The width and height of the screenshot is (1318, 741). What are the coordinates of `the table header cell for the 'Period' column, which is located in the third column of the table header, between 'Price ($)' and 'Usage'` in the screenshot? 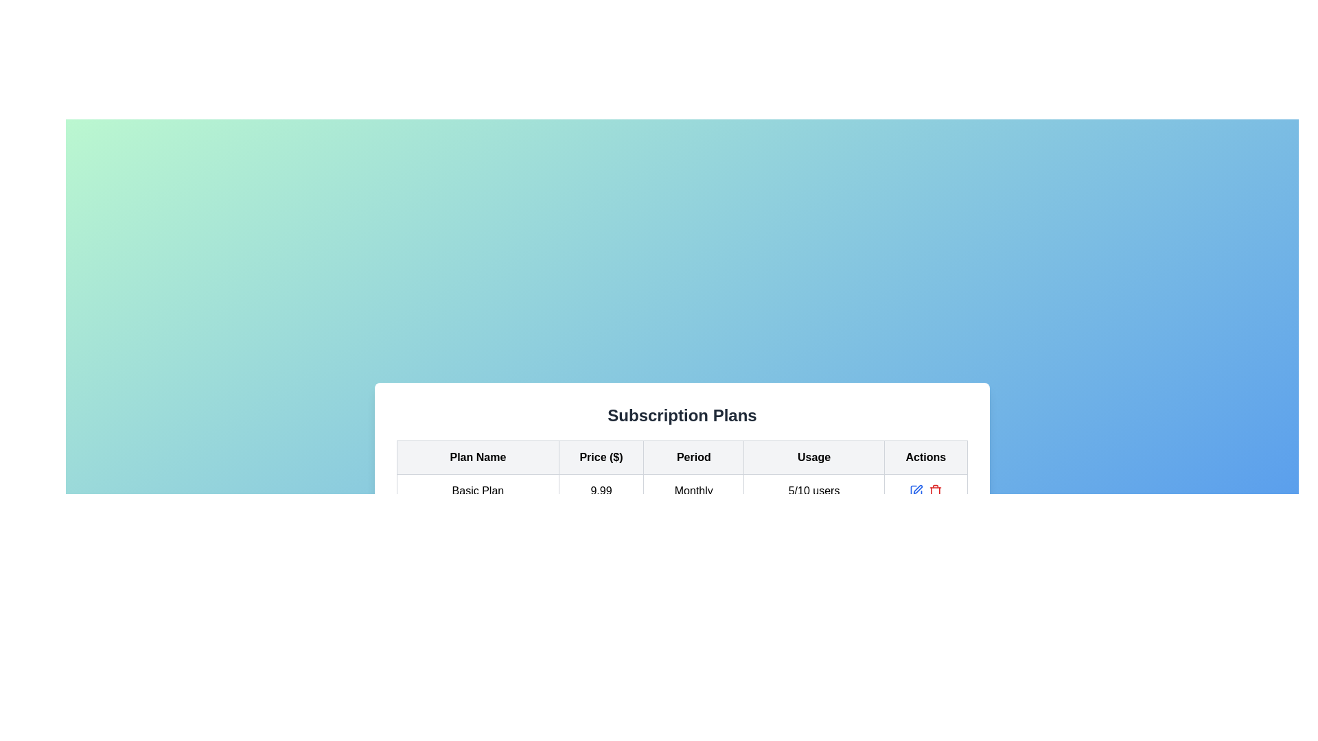 It's located at (693, 457).